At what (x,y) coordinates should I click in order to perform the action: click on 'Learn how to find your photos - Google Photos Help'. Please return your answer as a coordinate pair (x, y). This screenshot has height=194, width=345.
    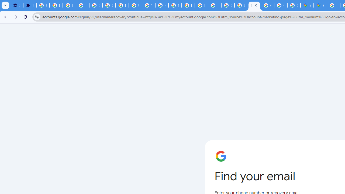
    Looking at the image, I should click on (69, 5).